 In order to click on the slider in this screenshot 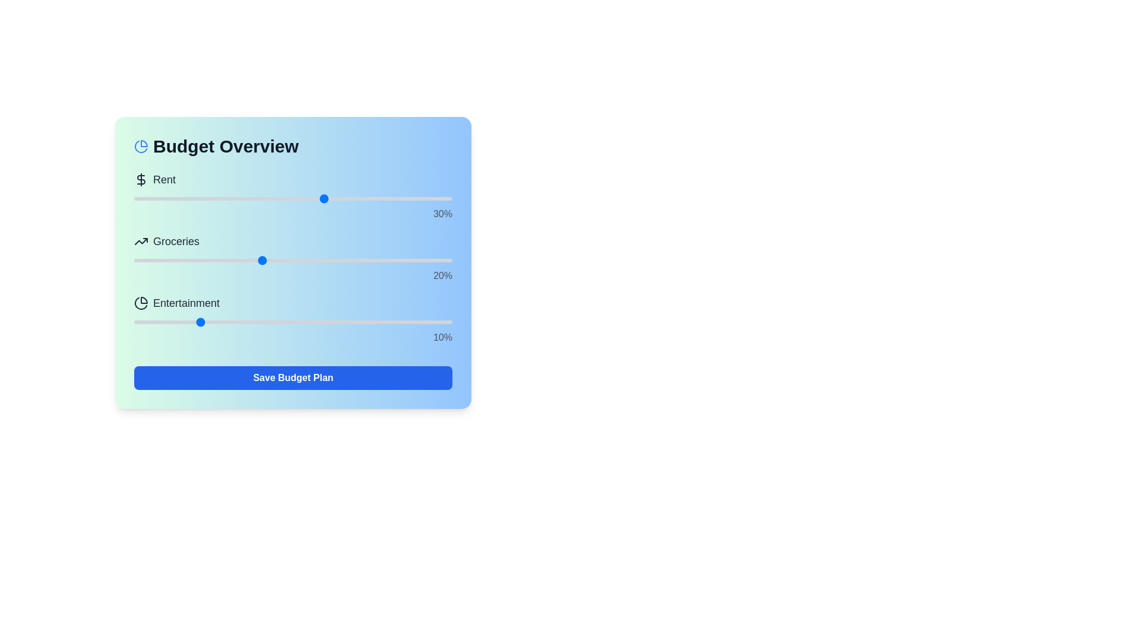, I will do `click(343, 322)`.